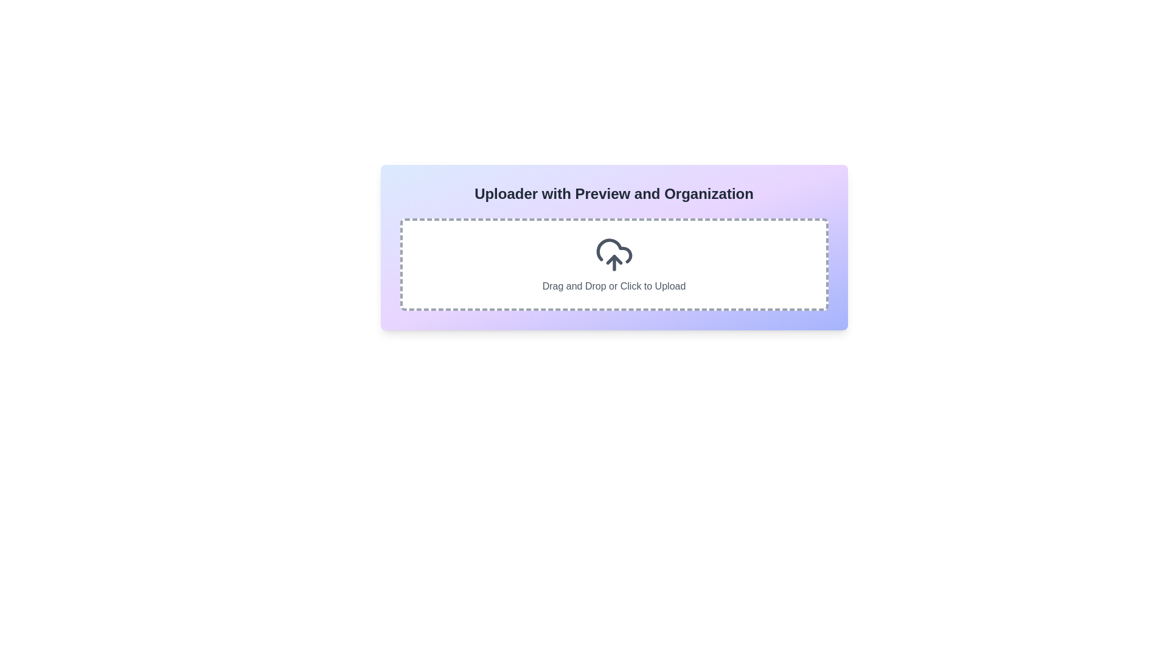  I want to click on files into the Interactive file upload area located below the 'Uploader with Preview and Organization' heading, which allows users, so click(614, 264).